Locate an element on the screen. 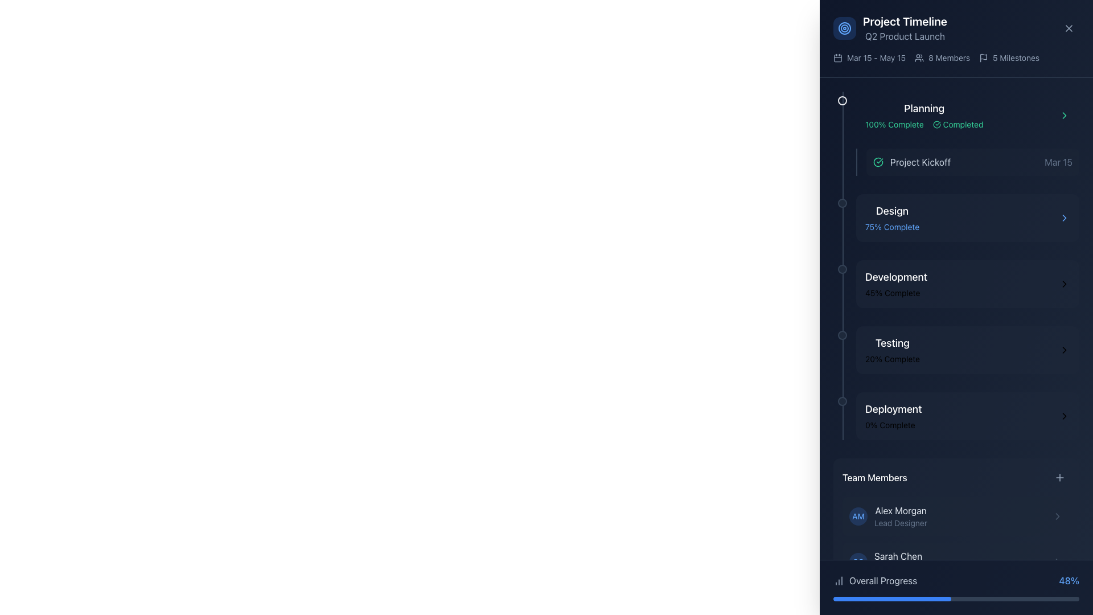  the status indicator icon that indicates the completion of the 'Project Kickoff' task, located to the left of the text in the Planning section timeline is located at coordinates (877, 162).